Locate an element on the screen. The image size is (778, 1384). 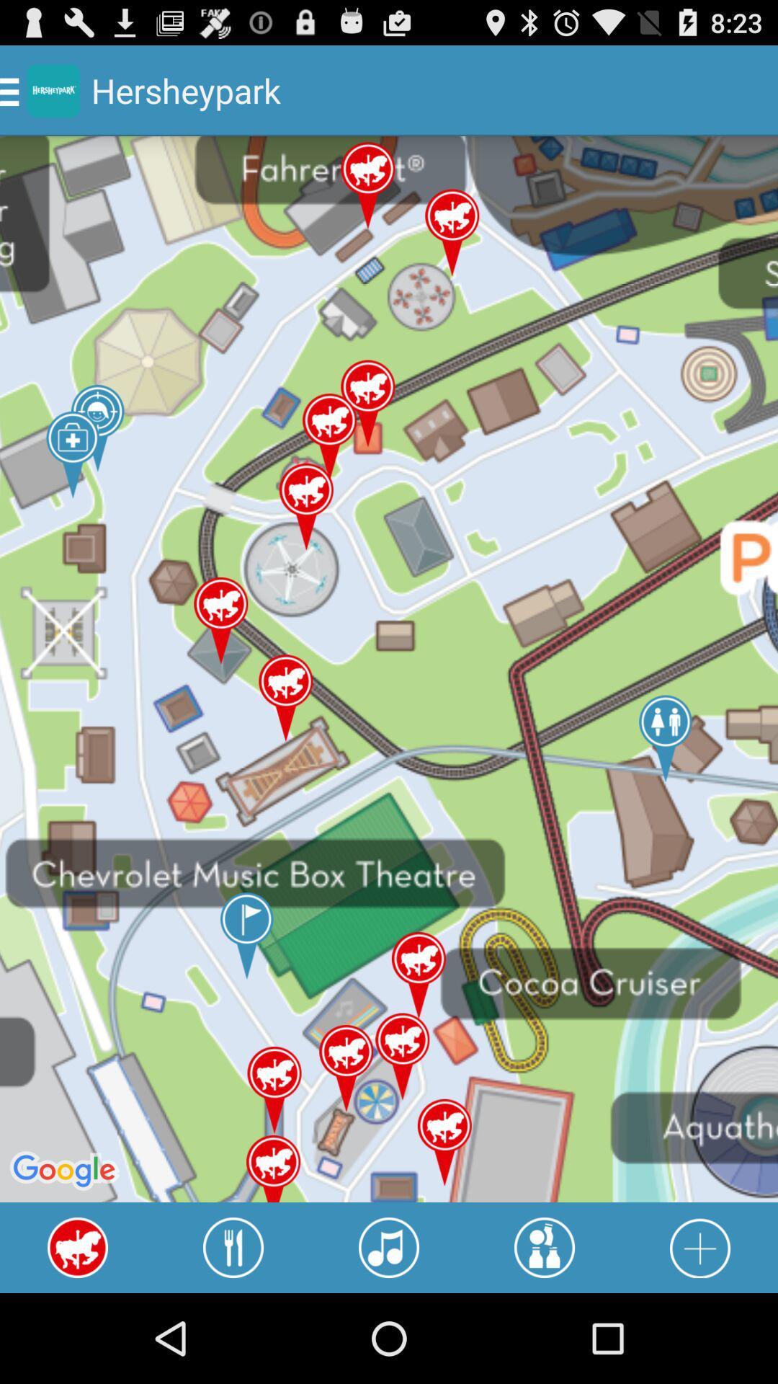
turn sound off or on is located at coordinates (389, 1247).